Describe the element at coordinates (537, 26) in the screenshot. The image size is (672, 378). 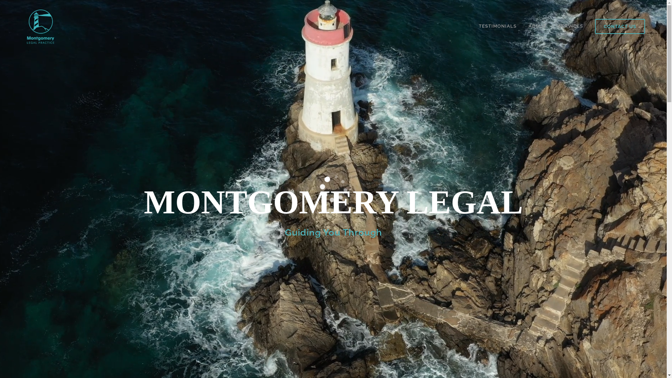
I see `'ABOUT'` at that location.